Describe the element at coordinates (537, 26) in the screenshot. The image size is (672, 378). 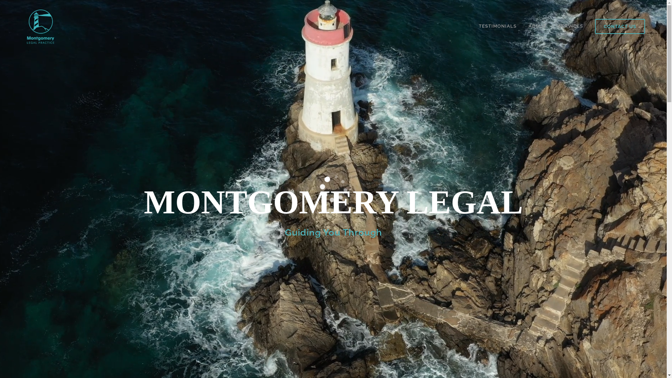
I see `'ABOUT'` at that location.